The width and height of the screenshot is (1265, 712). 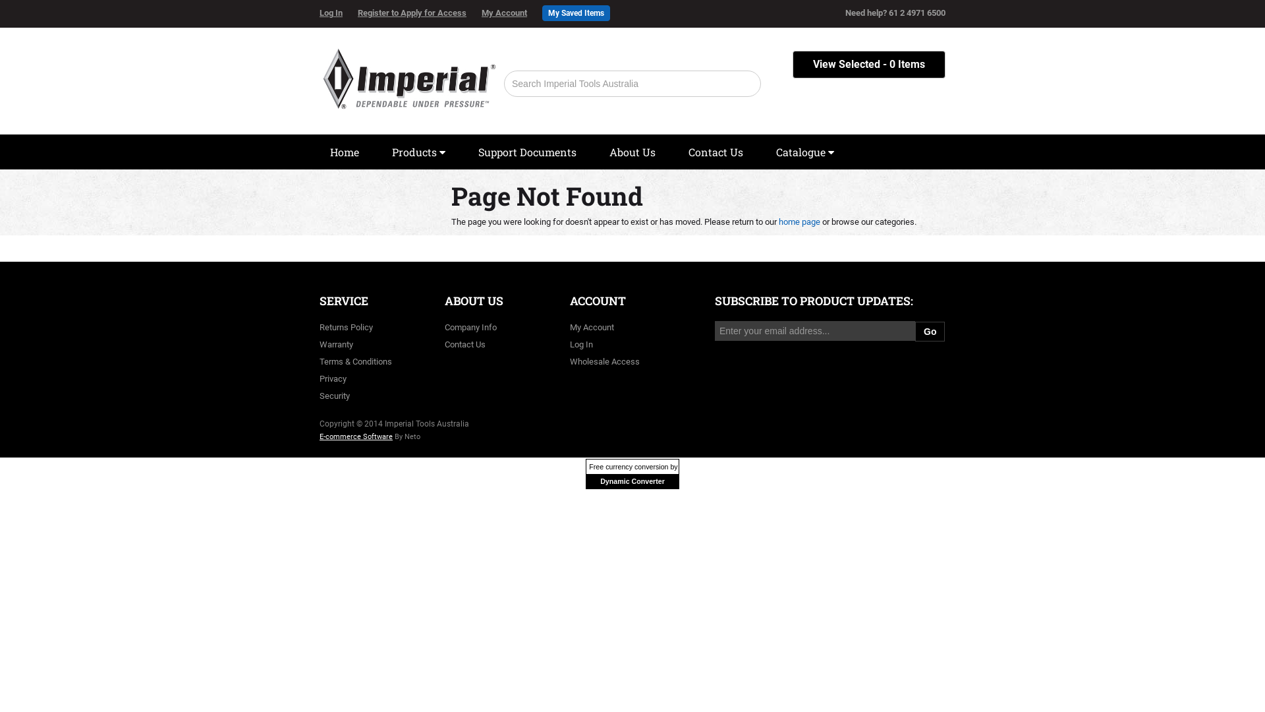 What do you see at coordinates (804, 152) in the screenshot?
I see `'Catalogue'` at bounding box center [804, 152].